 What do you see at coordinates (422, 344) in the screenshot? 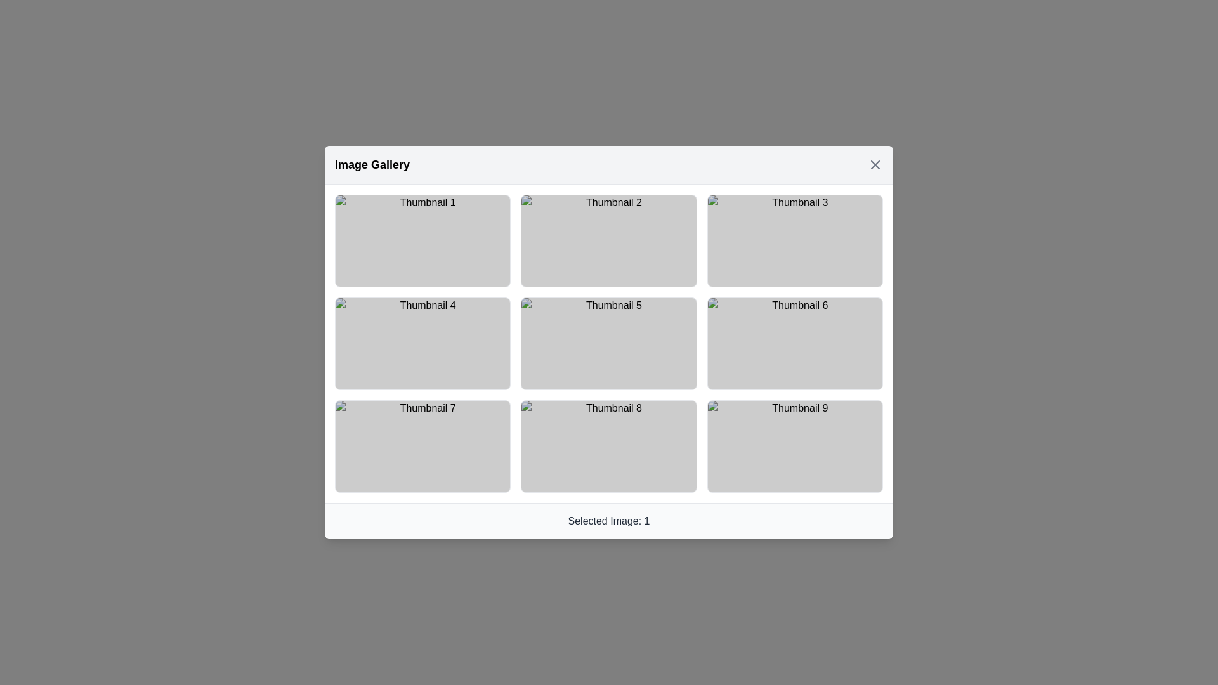
I see `the 'Thumbnail 4' placeholder element` at bounding box center [422, 344].